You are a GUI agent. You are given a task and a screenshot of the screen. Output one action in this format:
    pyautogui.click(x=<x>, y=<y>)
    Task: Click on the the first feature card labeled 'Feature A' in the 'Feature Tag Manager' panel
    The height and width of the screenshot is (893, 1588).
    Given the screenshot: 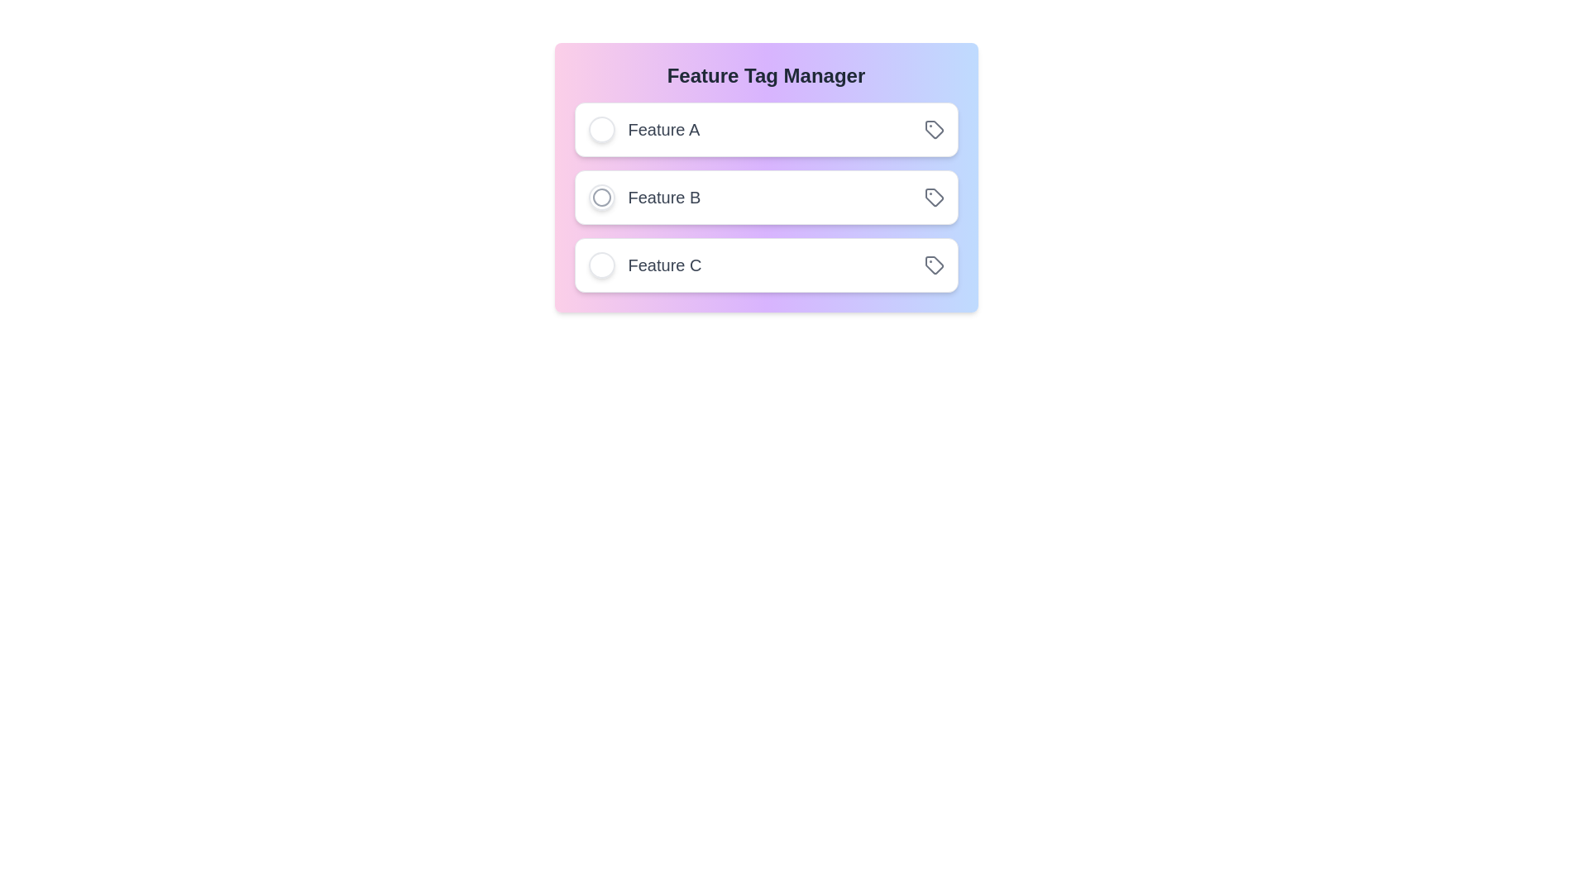 What is the action you would take?
    pyautogui.click(x=765, y=129)
    